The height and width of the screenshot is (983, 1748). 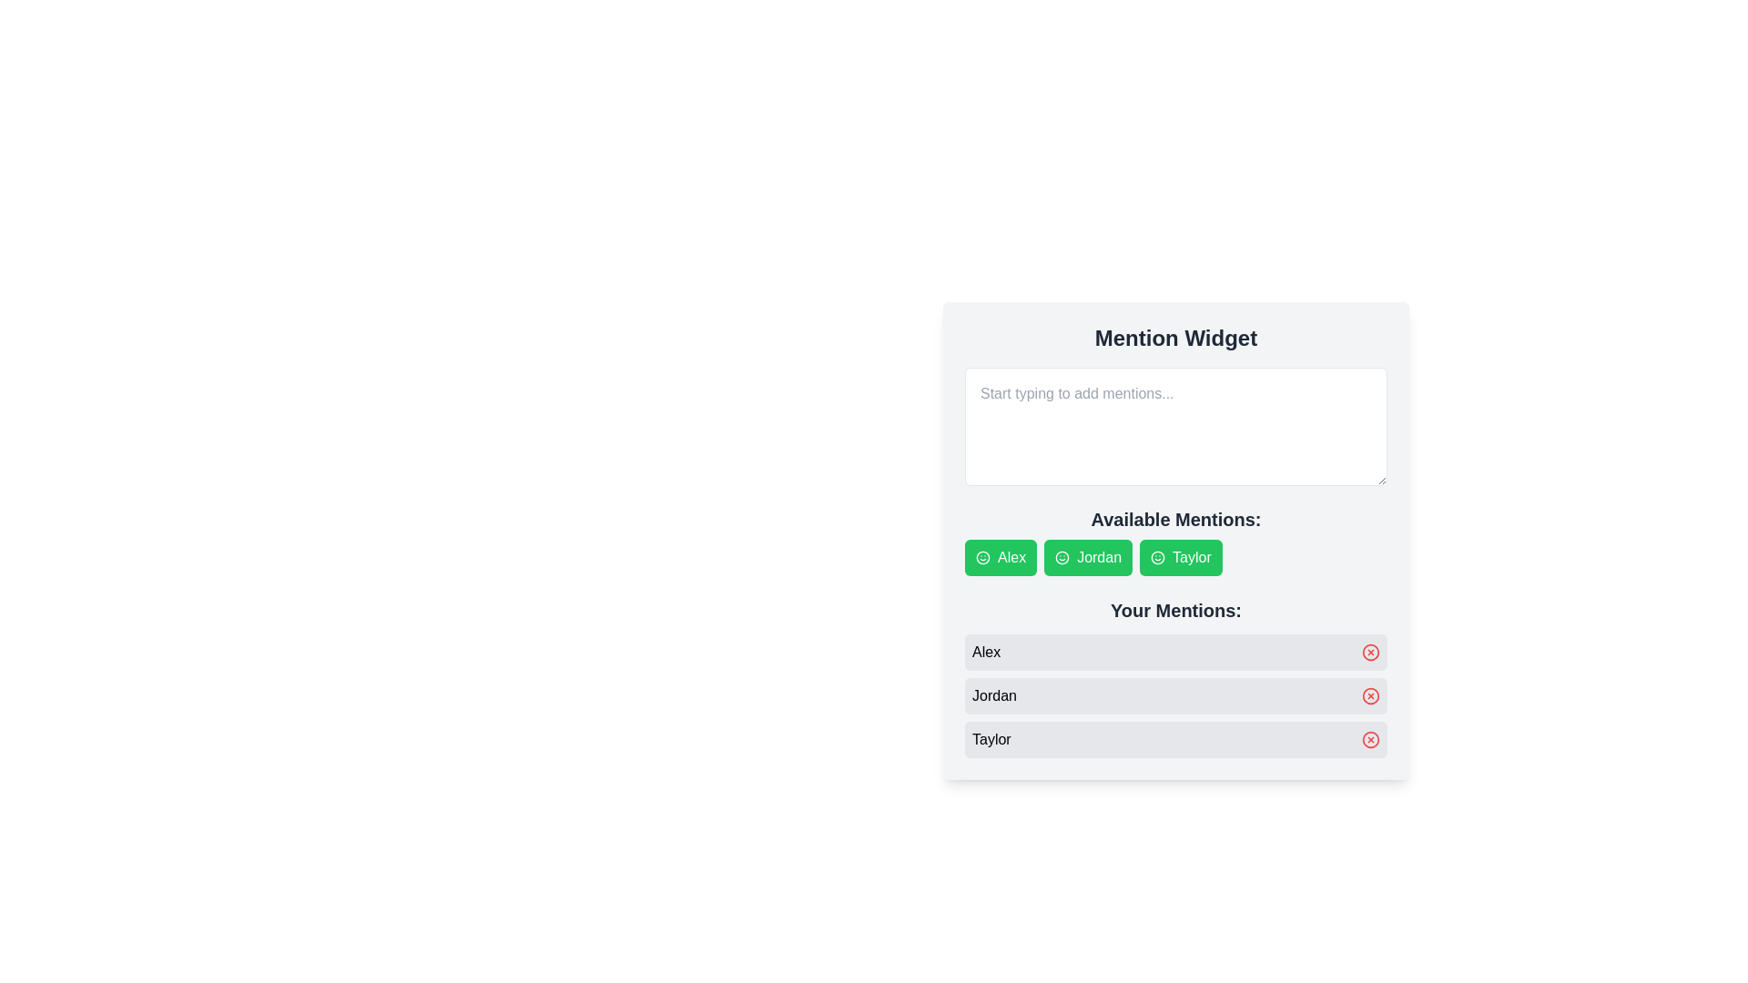 What do you see at coordinates (982, 557) in the screenshot?
I see `SVG component (circle) within the green button labeled 'Alex' in the 'Available Mentions' section by opening developer tools` at bounding box center [982, 557].